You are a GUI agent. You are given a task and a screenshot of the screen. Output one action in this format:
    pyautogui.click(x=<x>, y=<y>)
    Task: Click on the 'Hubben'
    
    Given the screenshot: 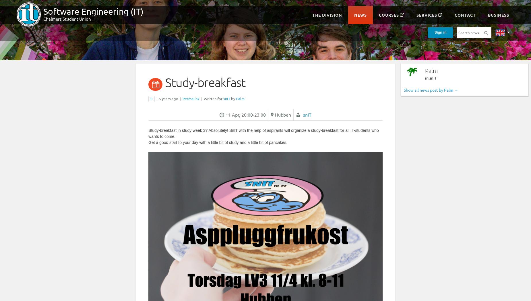 What is the action you would take?
    pyautogui.click(x=282, y=114)
    